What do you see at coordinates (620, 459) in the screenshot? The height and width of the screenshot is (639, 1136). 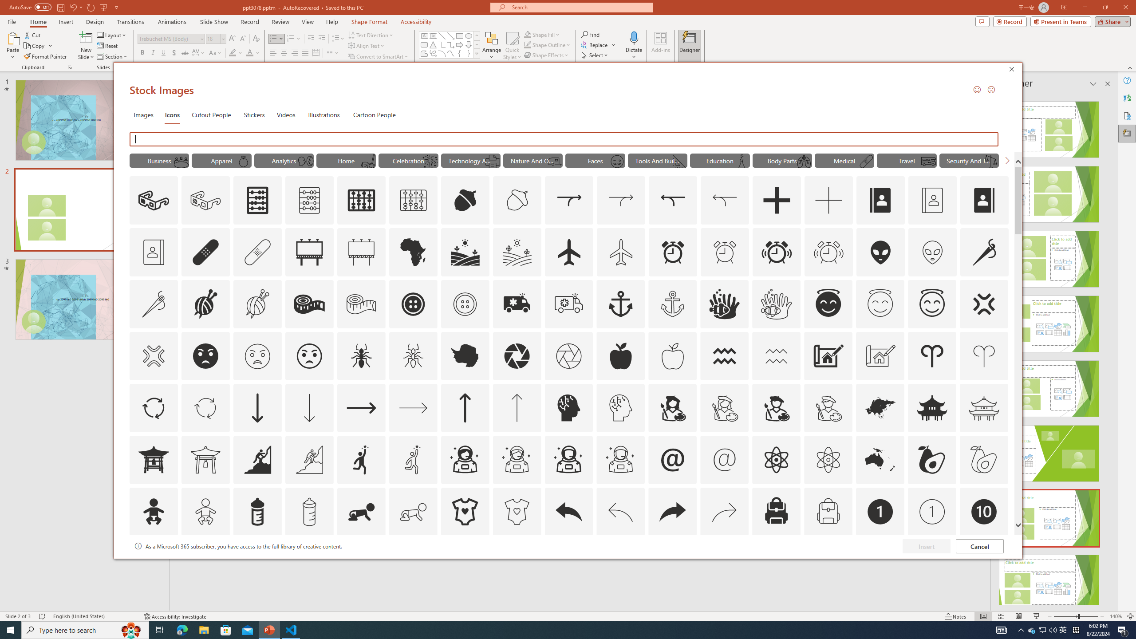 I see `'AutomationID: Icons_AstronautMale_M'` at bounding box center [620, 459].